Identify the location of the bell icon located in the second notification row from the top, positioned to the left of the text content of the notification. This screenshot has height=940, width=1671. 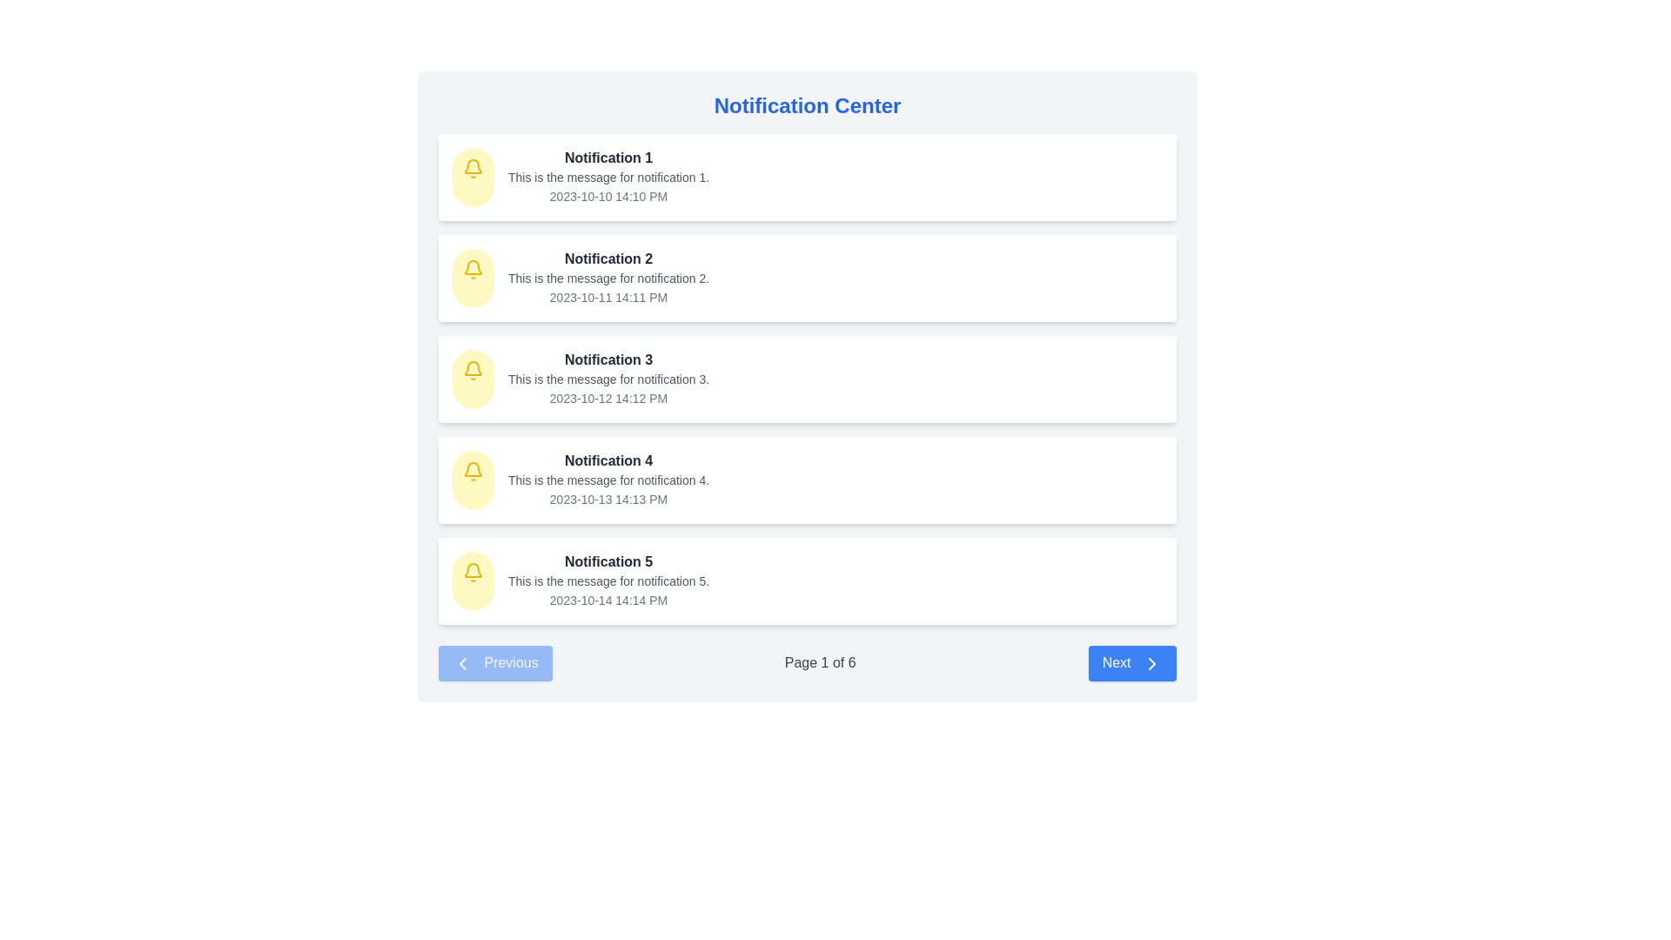
(473, 267).